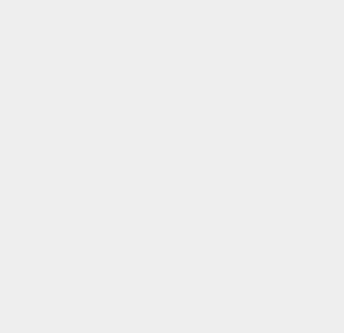  What do you see at coordinates (243, 218) in the screenshot?
I see `'iOS 16'` at bounding box center [243, 218].